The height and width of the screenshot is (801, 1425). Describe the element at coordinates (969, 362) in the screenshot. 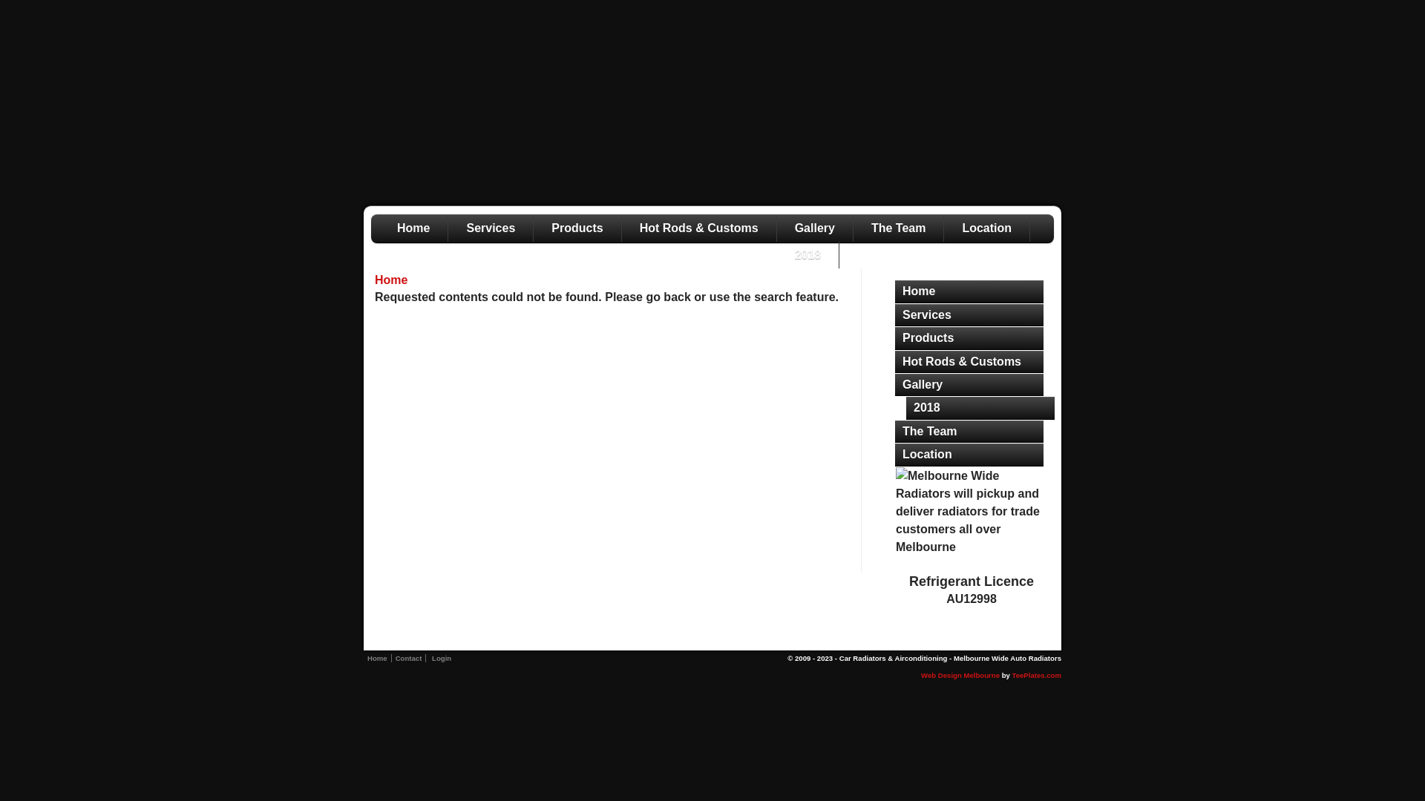

I see `'Hot Rods & Customs'` at that location.